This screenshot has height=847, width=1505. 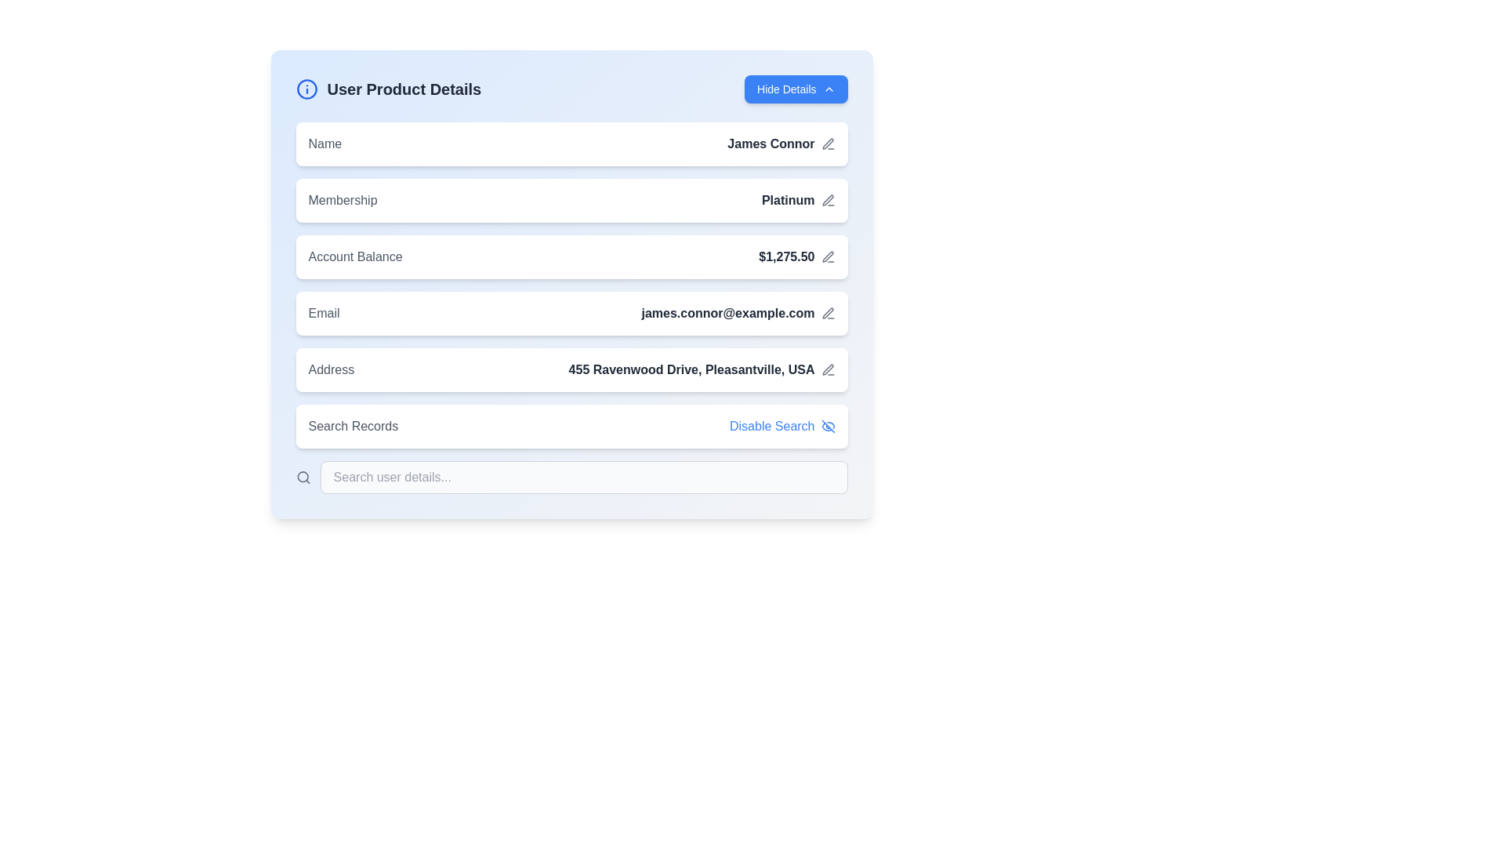 I want to click on the edit icon button located to the right of the bold text 'James Connor' to initiate editing of the user information, so click(x=827, y=144).